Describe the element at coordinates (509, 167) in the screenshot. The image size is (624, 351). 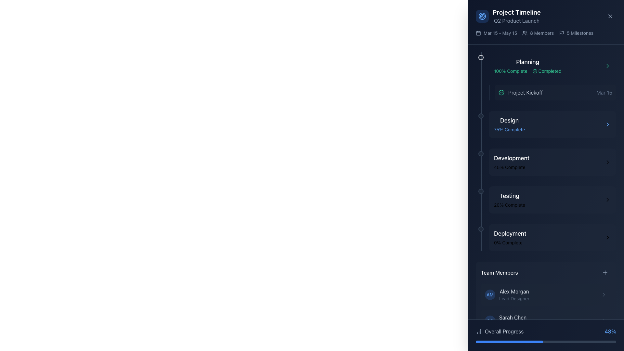
I see `the '45% Complete' text label, which is a purple text indicating progress in the 'Development' section` at that location.